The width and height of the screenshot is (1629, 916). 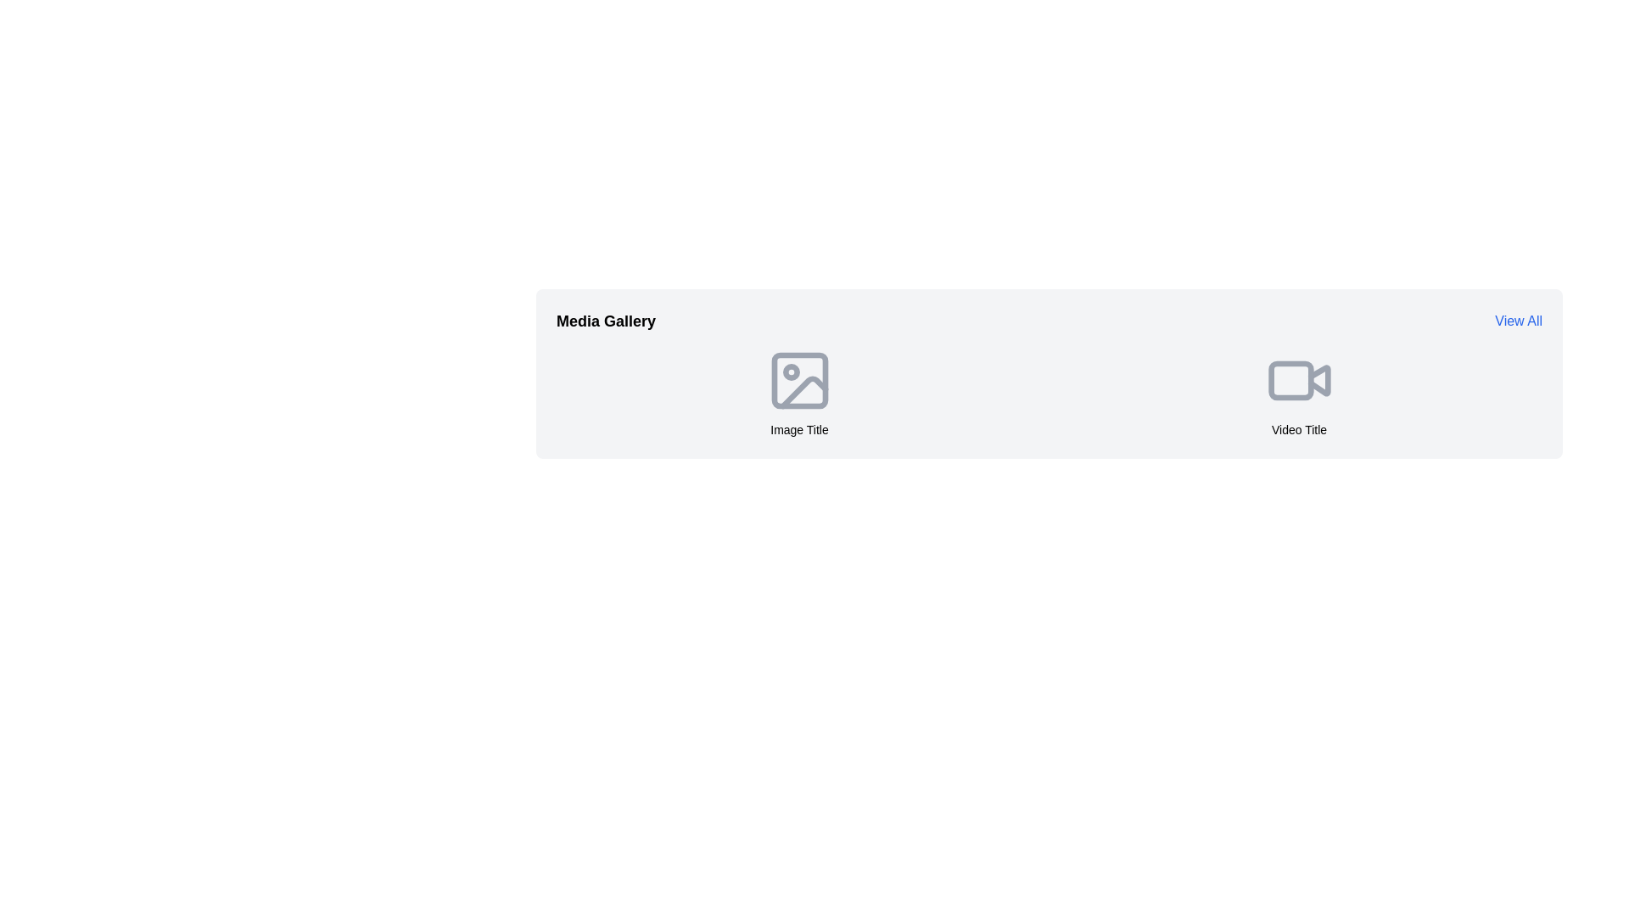 I want to click on the bold text label 'Media Gallery' located in the header row, positioned to the left of the 'View All' link, so click(x=606, y=321).